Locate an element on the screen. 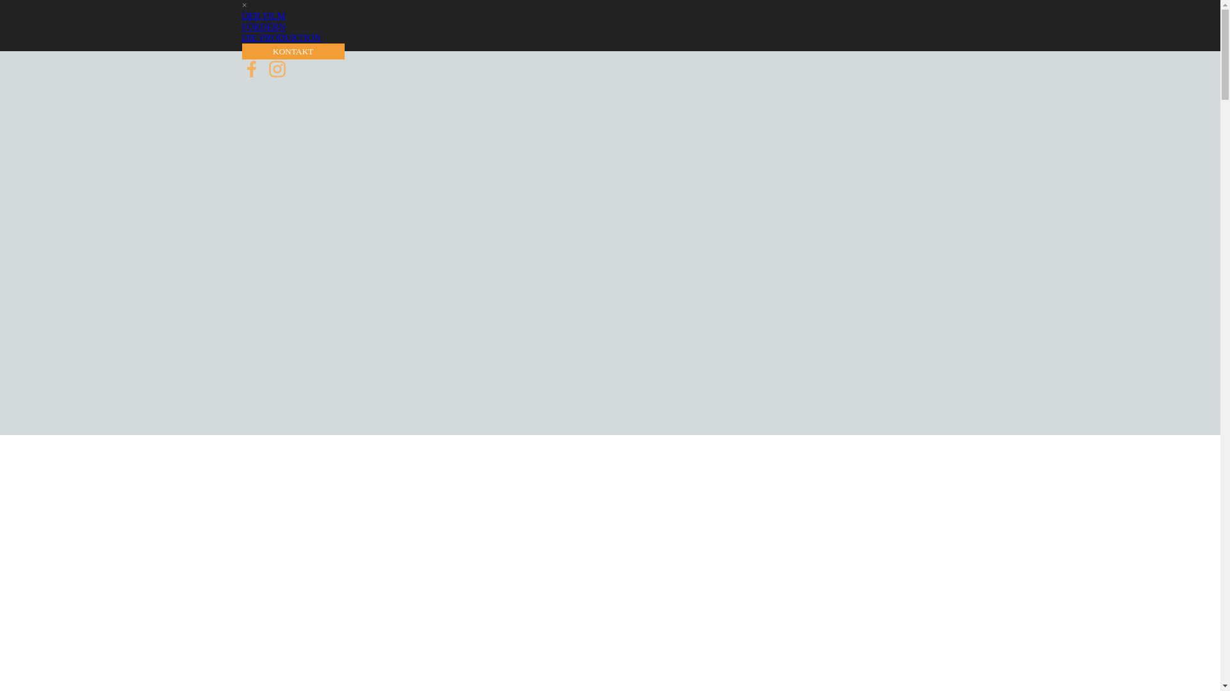  'KONTAKT' is located at coordinates (292, 51).